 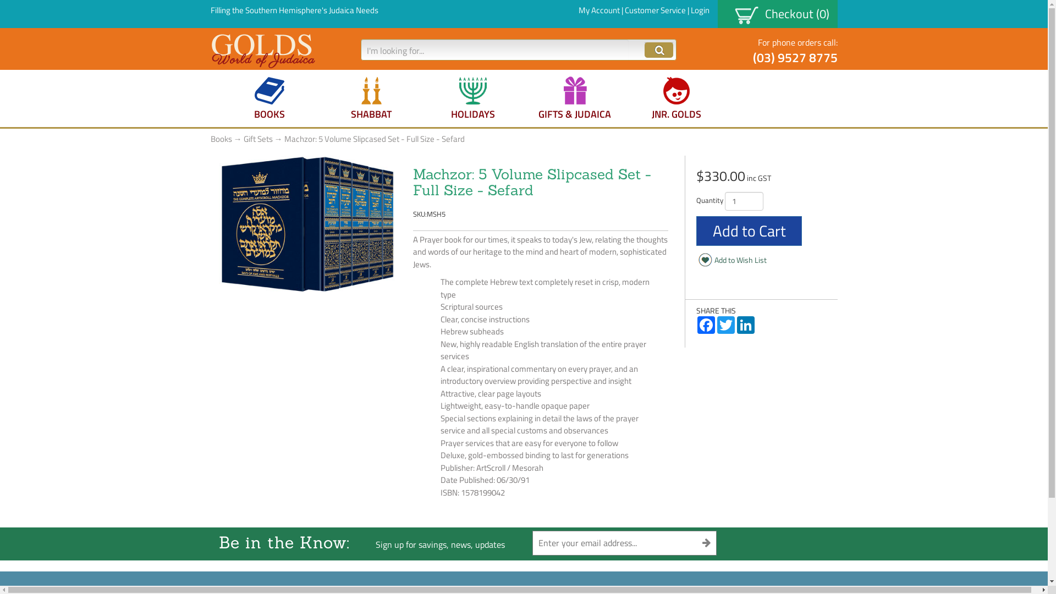 I want to click on 'Login', so click(x=699, y=10).